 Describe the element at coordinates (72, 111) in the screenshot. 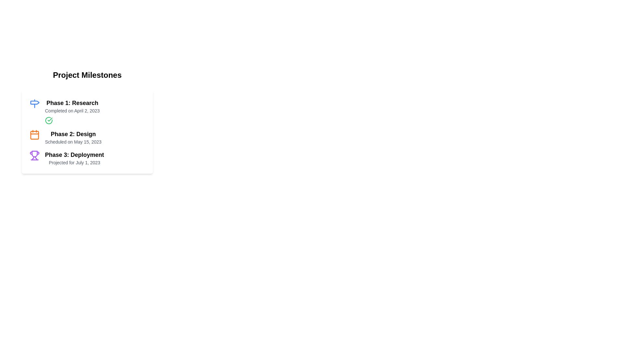

I see `displayed information in the Information block titled 'Phase 1: Research' with subtitle 'Completed on April 2, 2023' and a green circular checkmark icon` at that location.